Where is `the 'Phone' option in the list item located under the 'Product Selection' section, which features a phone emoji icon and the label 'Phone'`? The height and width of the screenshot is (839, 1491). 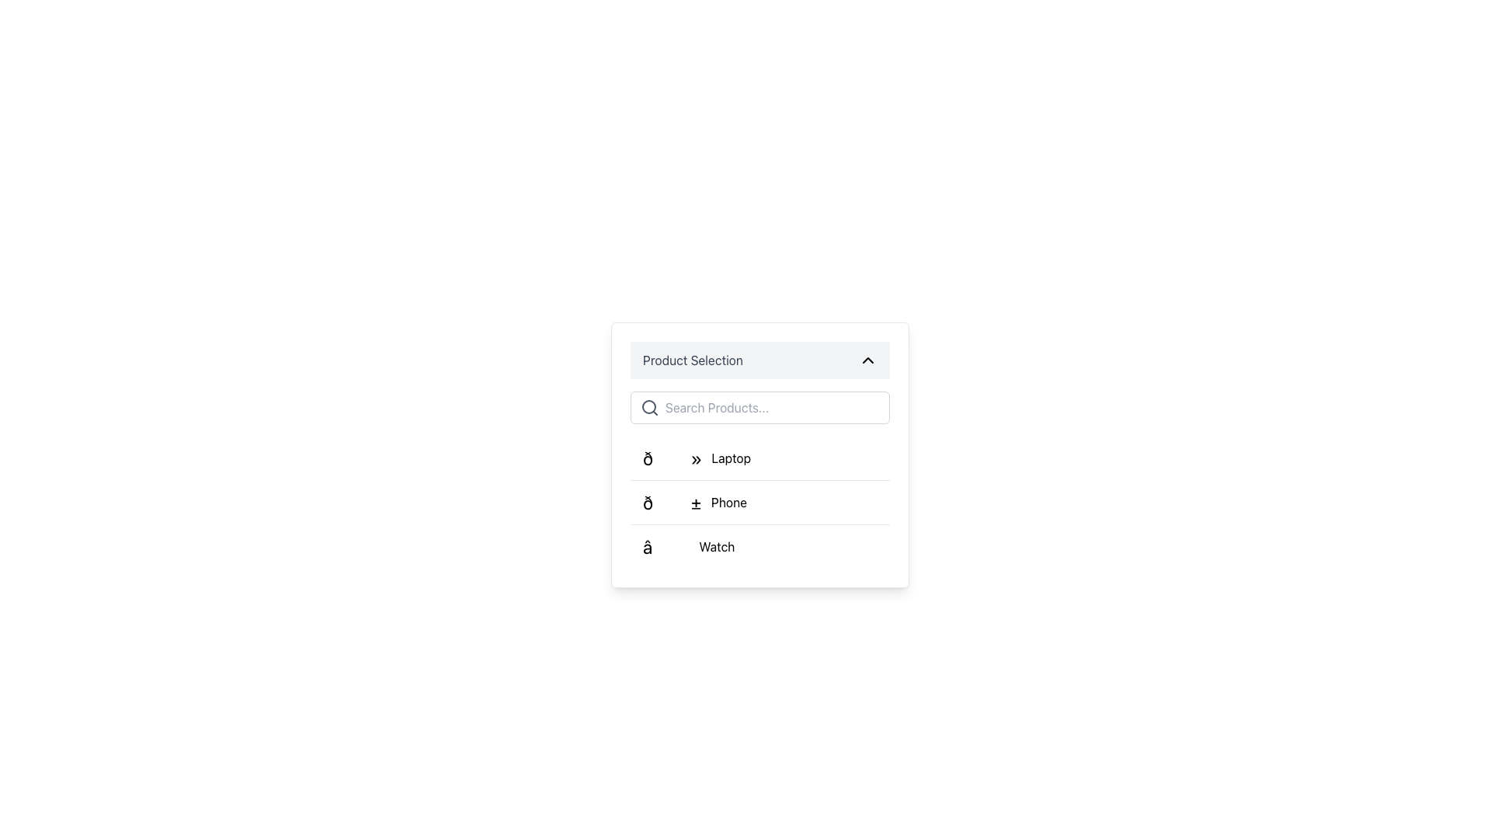
the 'Phone' option in the list item located under the 'Product Selection' section, which features a phone emoji icon and the label 'Phone' is located at coordinates (693, 503).